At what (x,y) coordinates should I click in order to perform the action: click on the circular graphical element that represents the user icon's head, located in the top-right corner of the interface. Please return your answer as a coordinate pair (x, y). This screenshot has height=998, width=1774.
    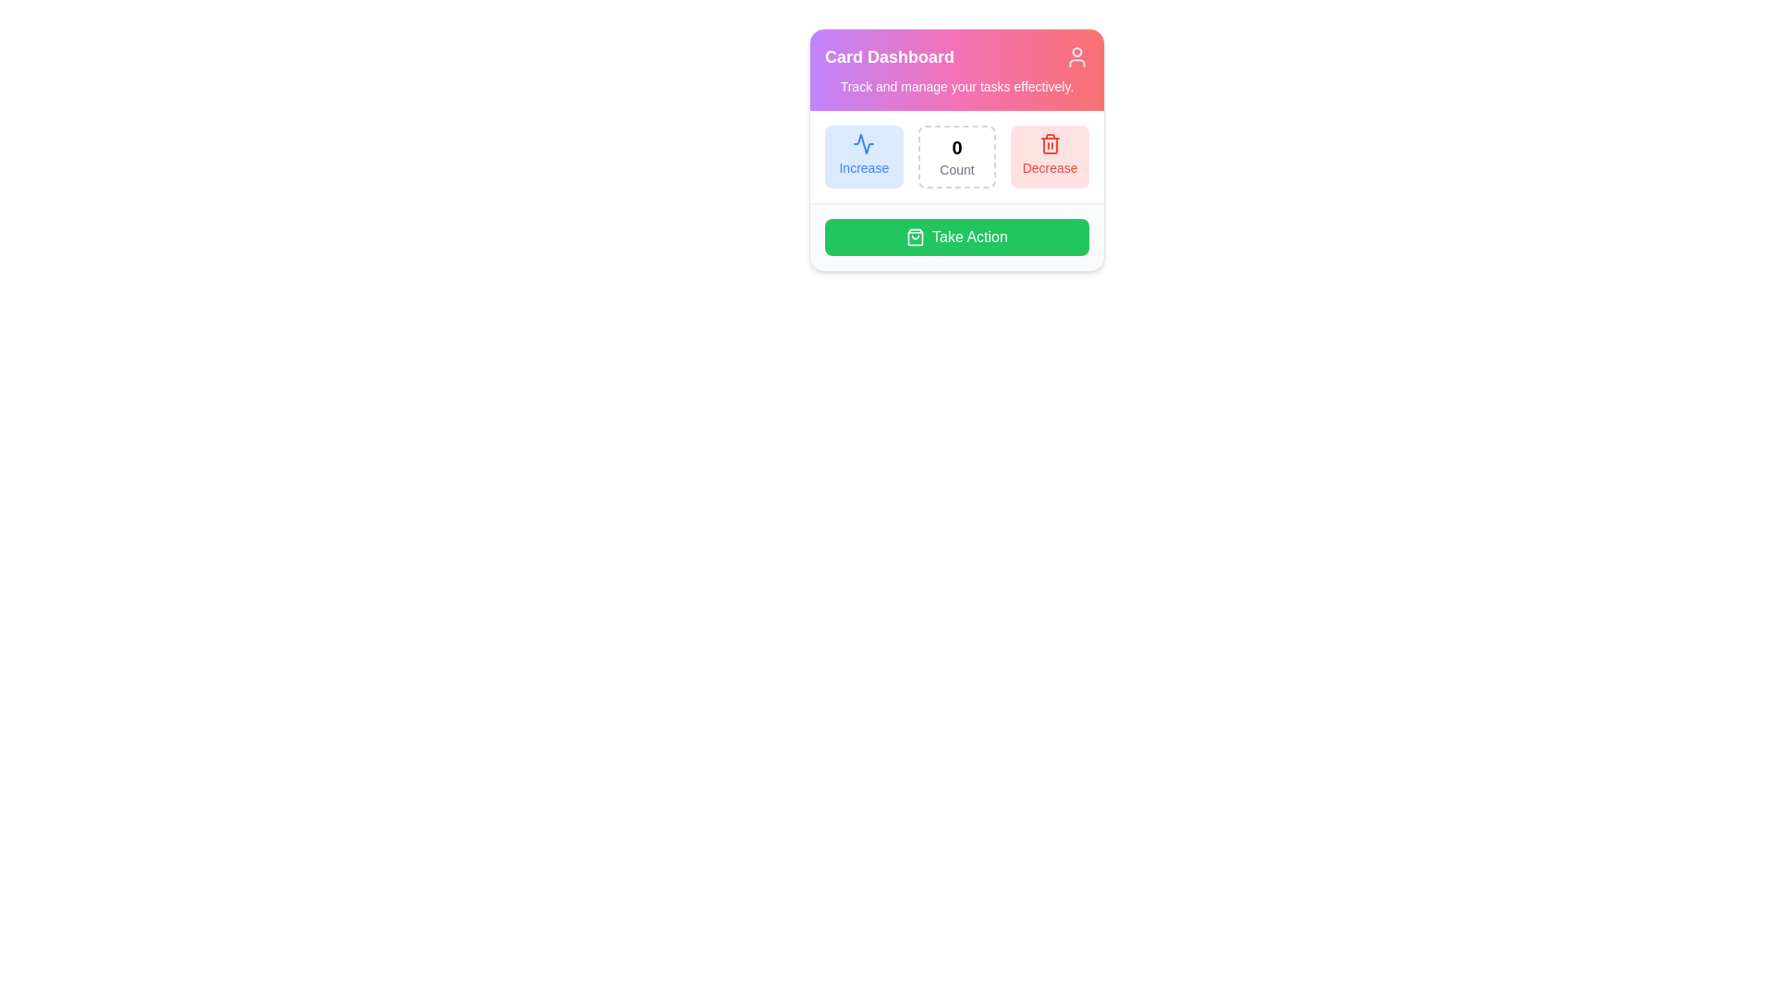
    Looking at the image, I should click on (1077, 51).